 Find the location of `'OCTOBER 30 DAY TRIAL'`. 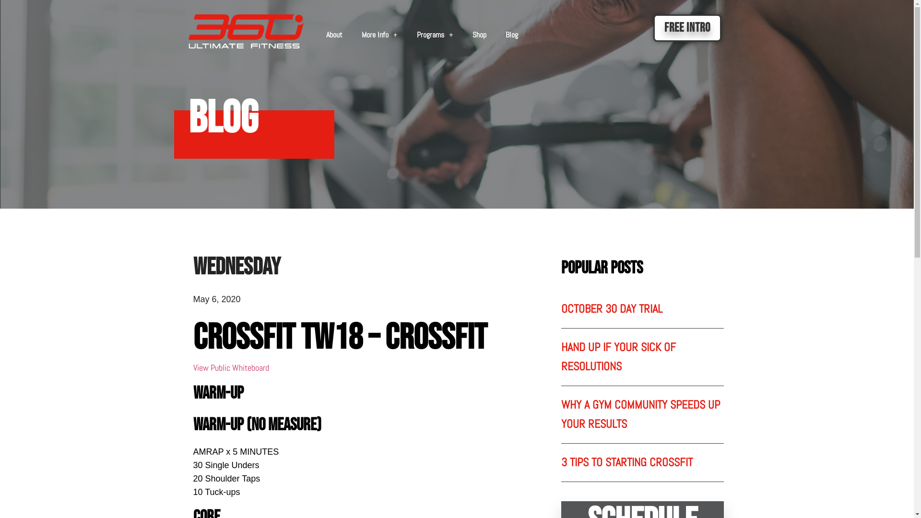

'OCTOBER 30 DAY TRIAL' is located at coordinates (611, 308).